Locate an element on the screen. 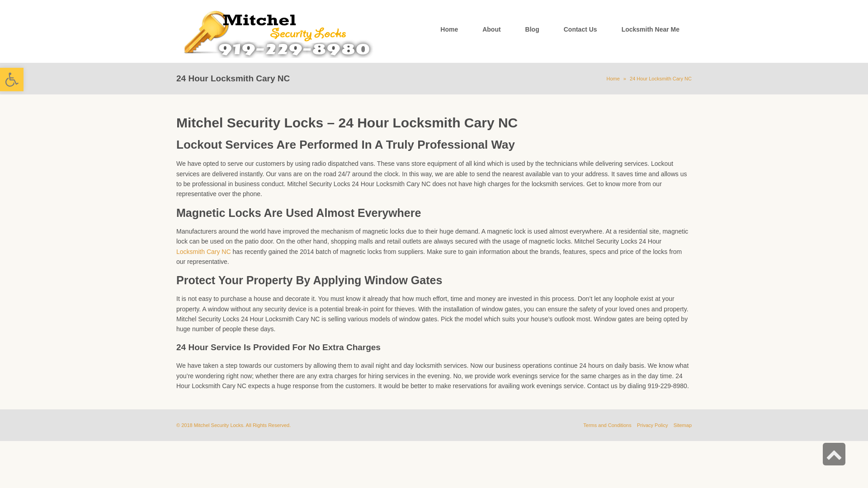  'Terms and Conditions' is located at coordinates (607, 425).